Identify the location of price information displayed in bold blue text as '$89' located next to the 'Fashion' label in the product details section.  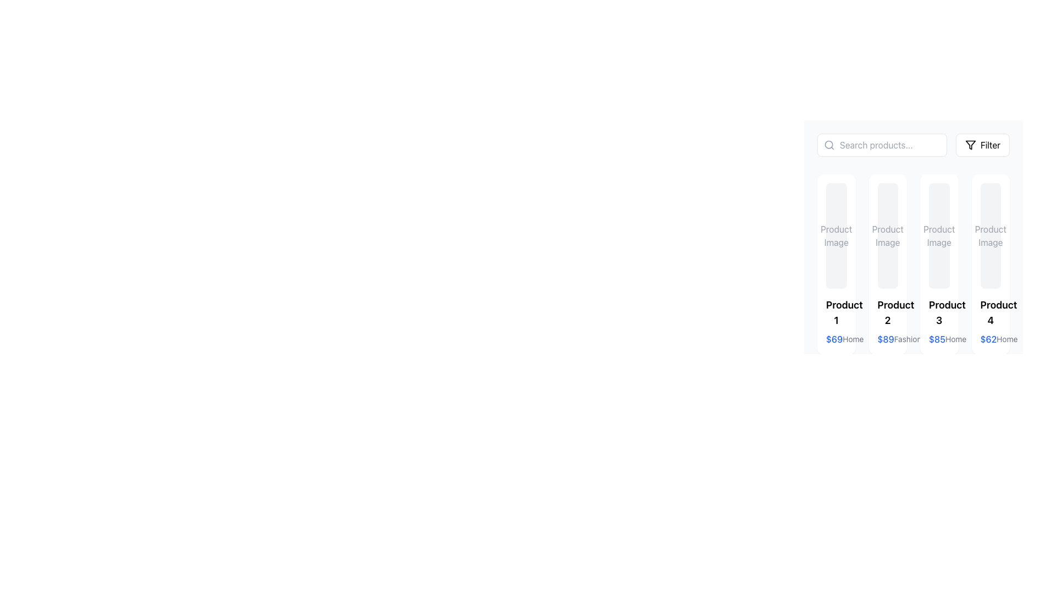
(886, 339).